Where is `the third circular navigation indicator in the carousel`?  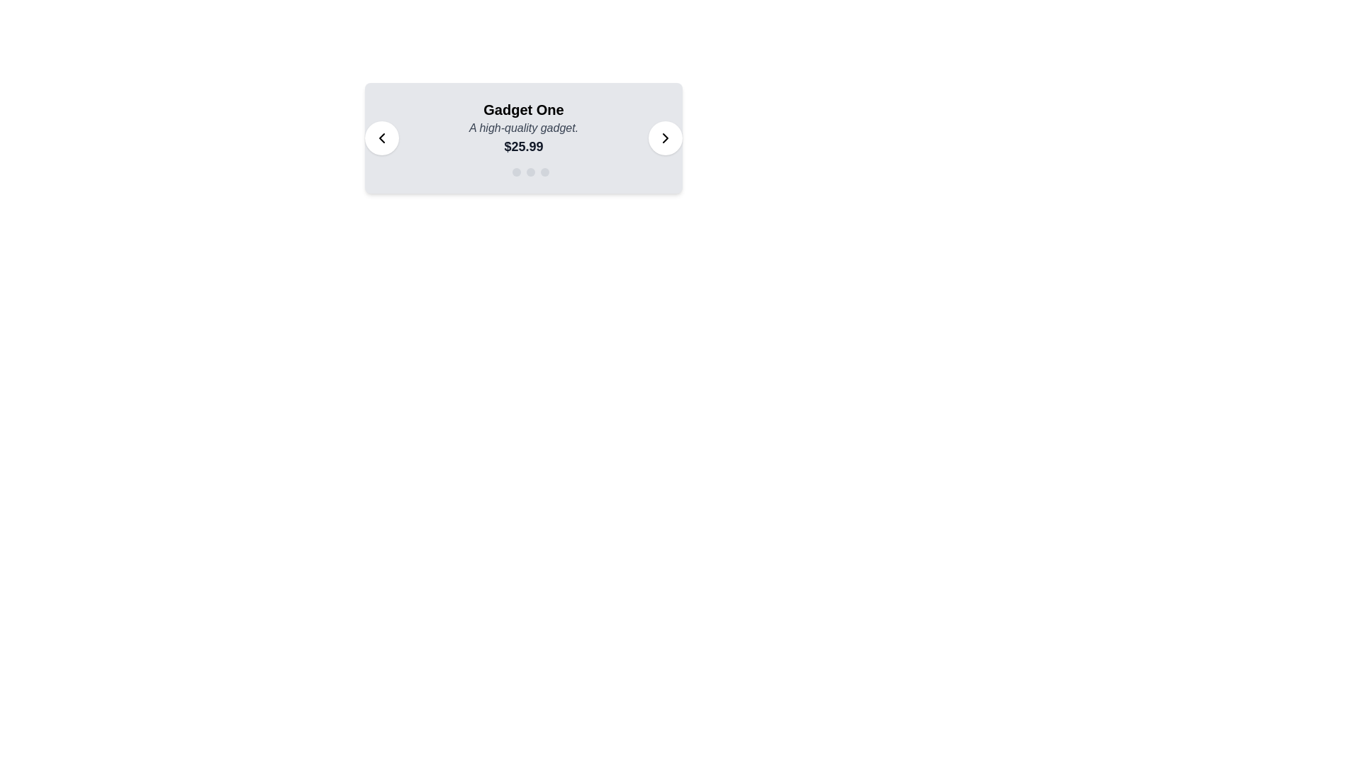 the third circular navigation indicator in the carousel is located at coordinates (530, 172).